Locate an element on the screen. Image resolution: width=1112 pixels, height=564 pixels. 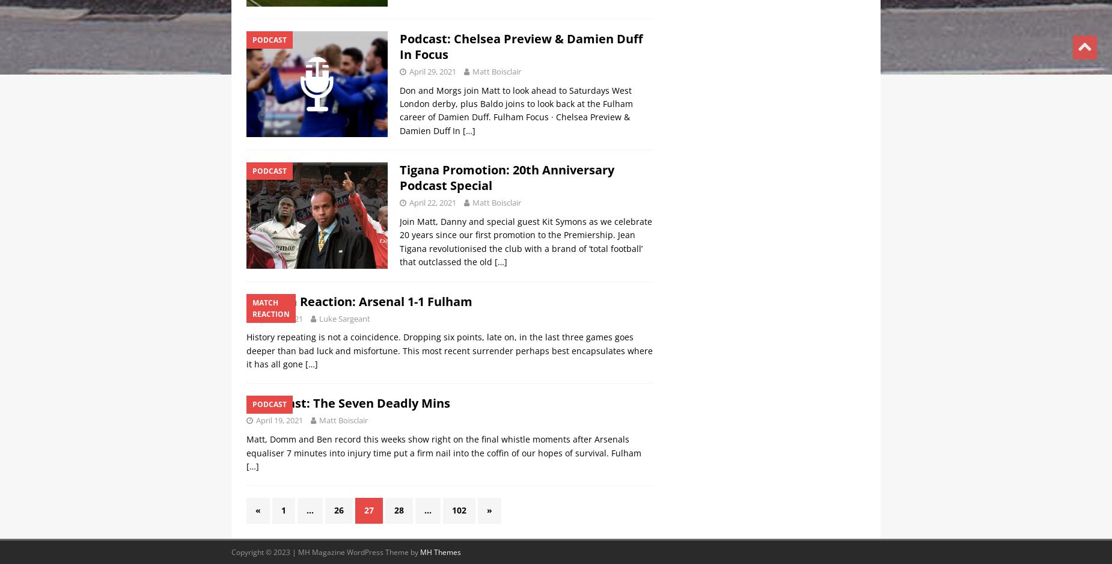
'April 20, 2021' is located at coordinates (433, 317).